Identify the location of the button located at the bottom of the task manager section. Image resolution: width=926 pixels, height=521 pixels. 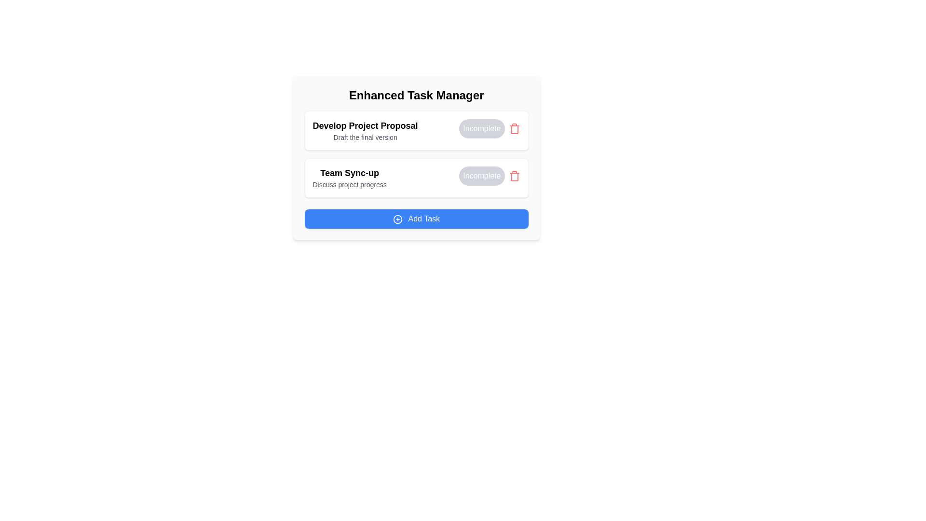
(416, 219).